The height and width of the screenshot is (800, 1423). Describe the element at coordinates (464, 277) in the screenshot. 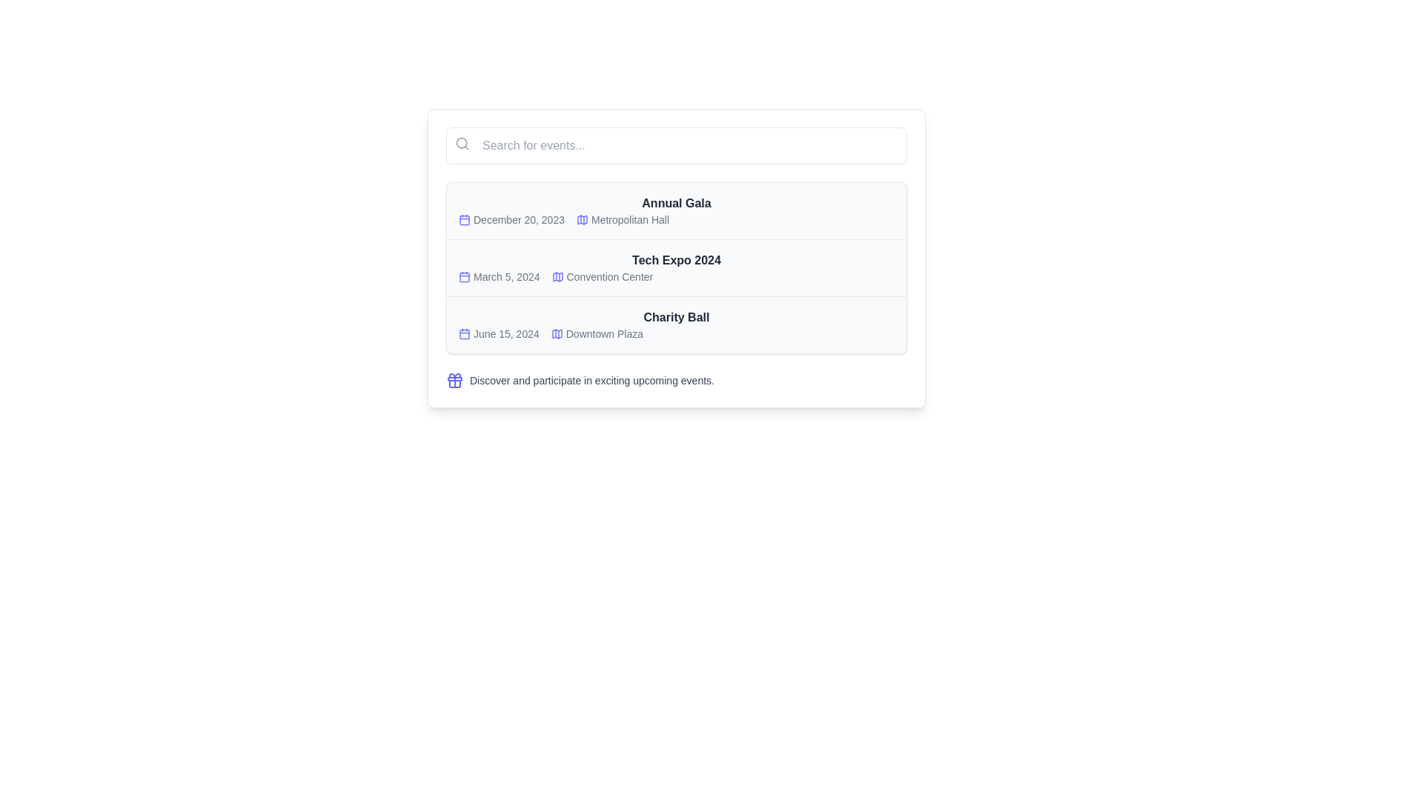

I see `the calendar icon located to the left of the date 'March 5, 2024' under 'Tech Expo 2024'` at that location.